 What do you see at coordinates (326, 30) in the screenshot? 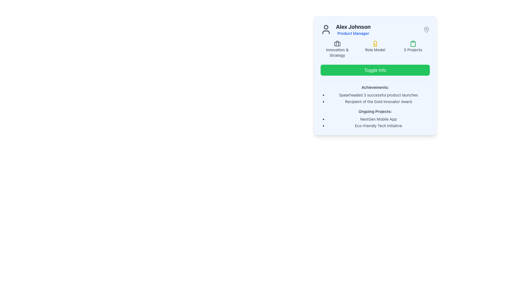
I see `the user icon representing a person, styled with a circular head and trapezoidal body, located at the top-left section of a user profile card, adjacent to the user's name 'Alex Johnson'` at bounding box center [326, 30].